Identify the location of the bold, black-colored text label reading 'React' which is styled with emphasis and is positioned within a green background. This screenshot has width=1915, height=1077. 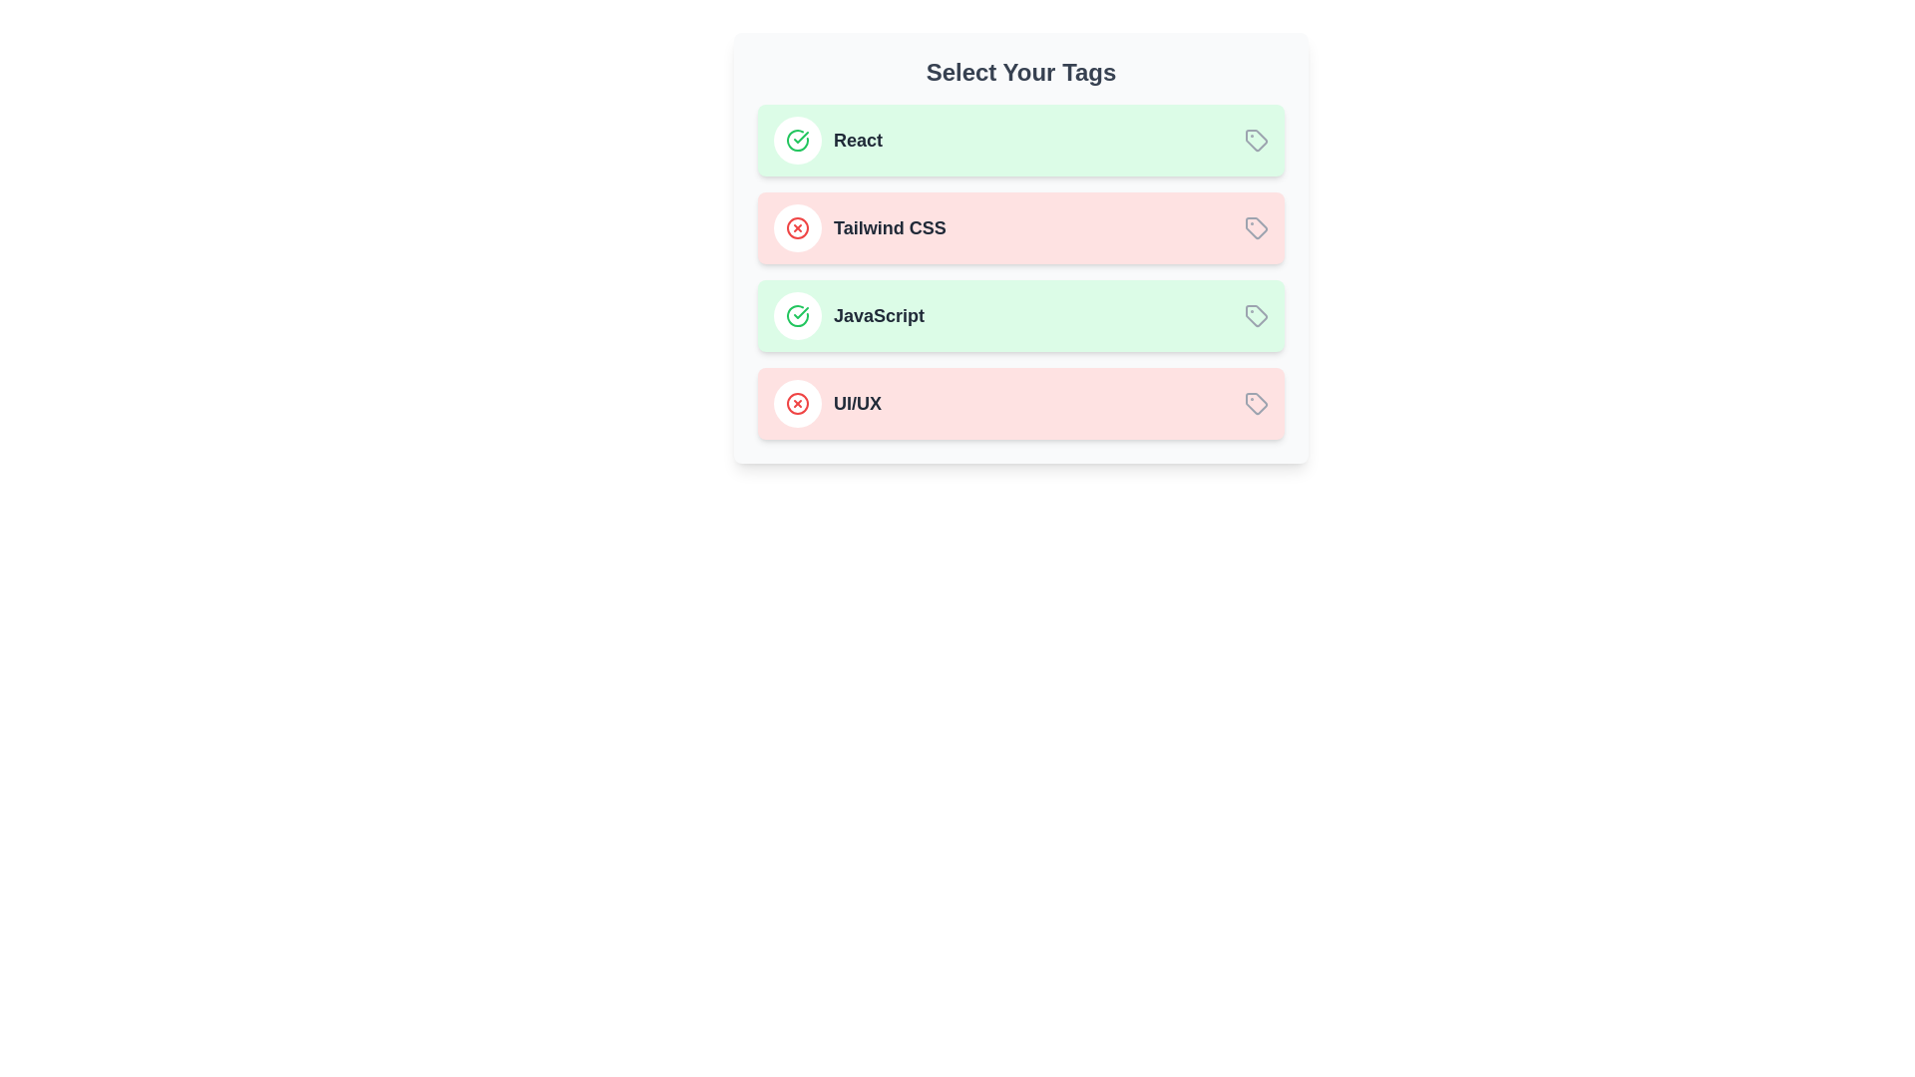
(858, 140).